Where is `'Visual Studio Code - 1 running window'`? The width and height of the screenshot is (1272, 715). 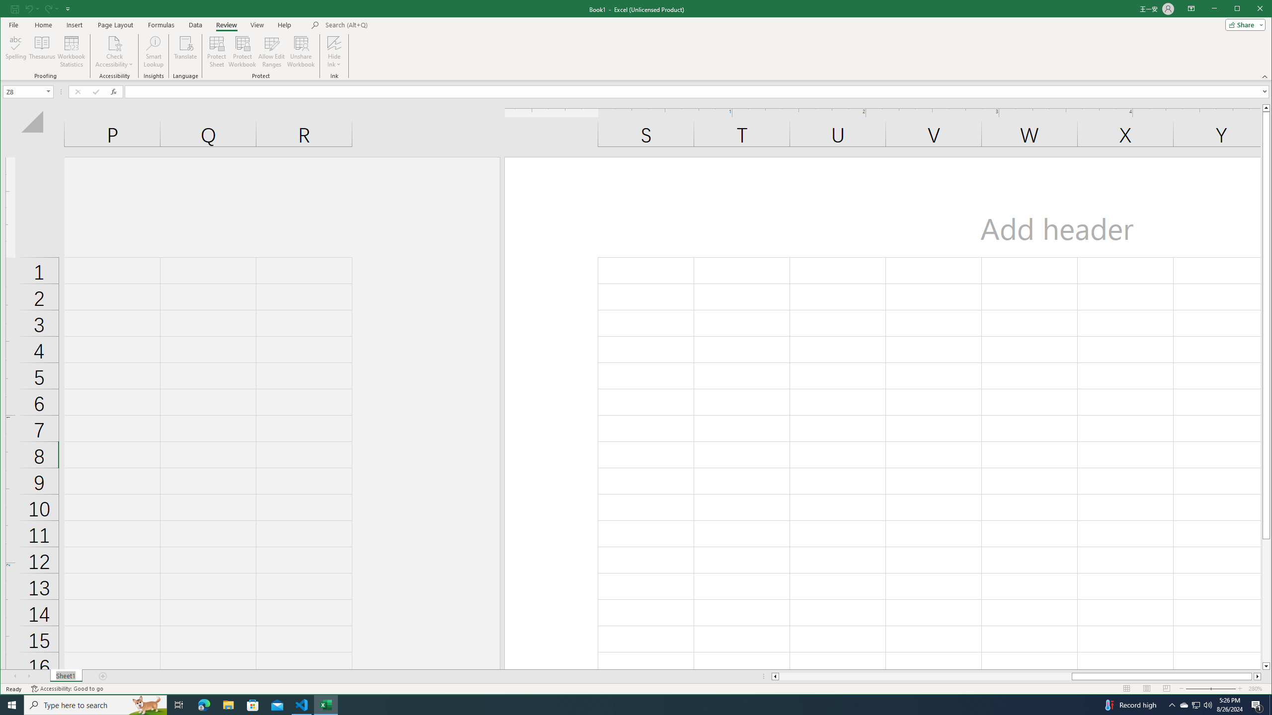
'Visual Studio Code - 1 running window' is located at coordinates (302, 704).